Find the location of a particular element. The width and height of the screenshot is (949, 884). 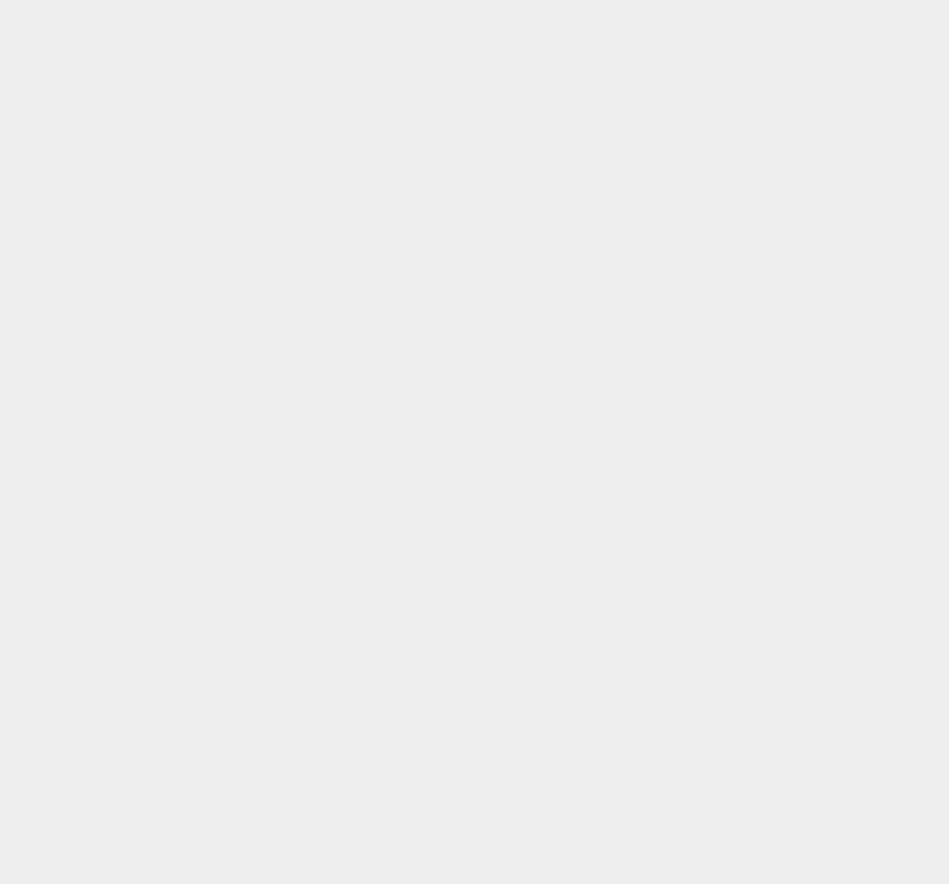

'Amazon Phone' is located at coordinates (709, 804).